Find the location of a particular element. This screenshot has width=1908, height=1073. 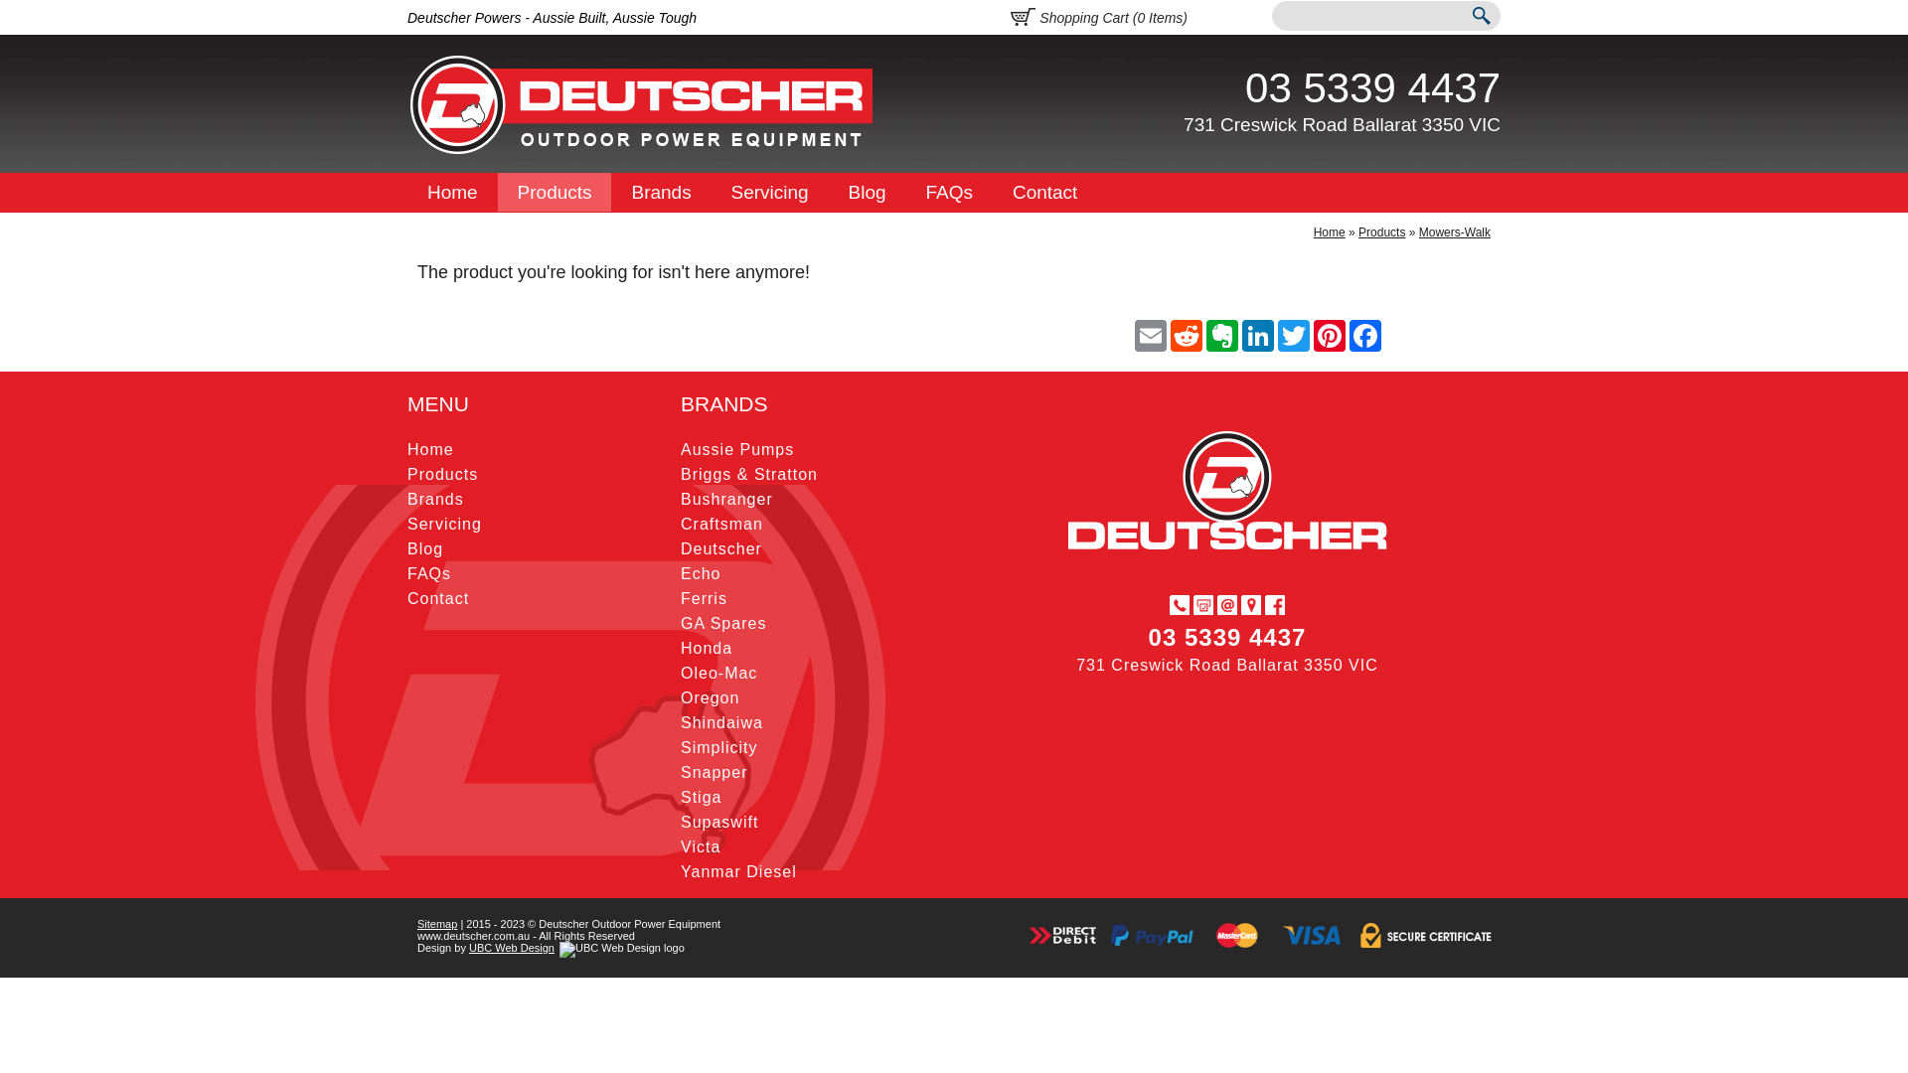

'03 5339 4437' is located at coordinates (1243, 86).